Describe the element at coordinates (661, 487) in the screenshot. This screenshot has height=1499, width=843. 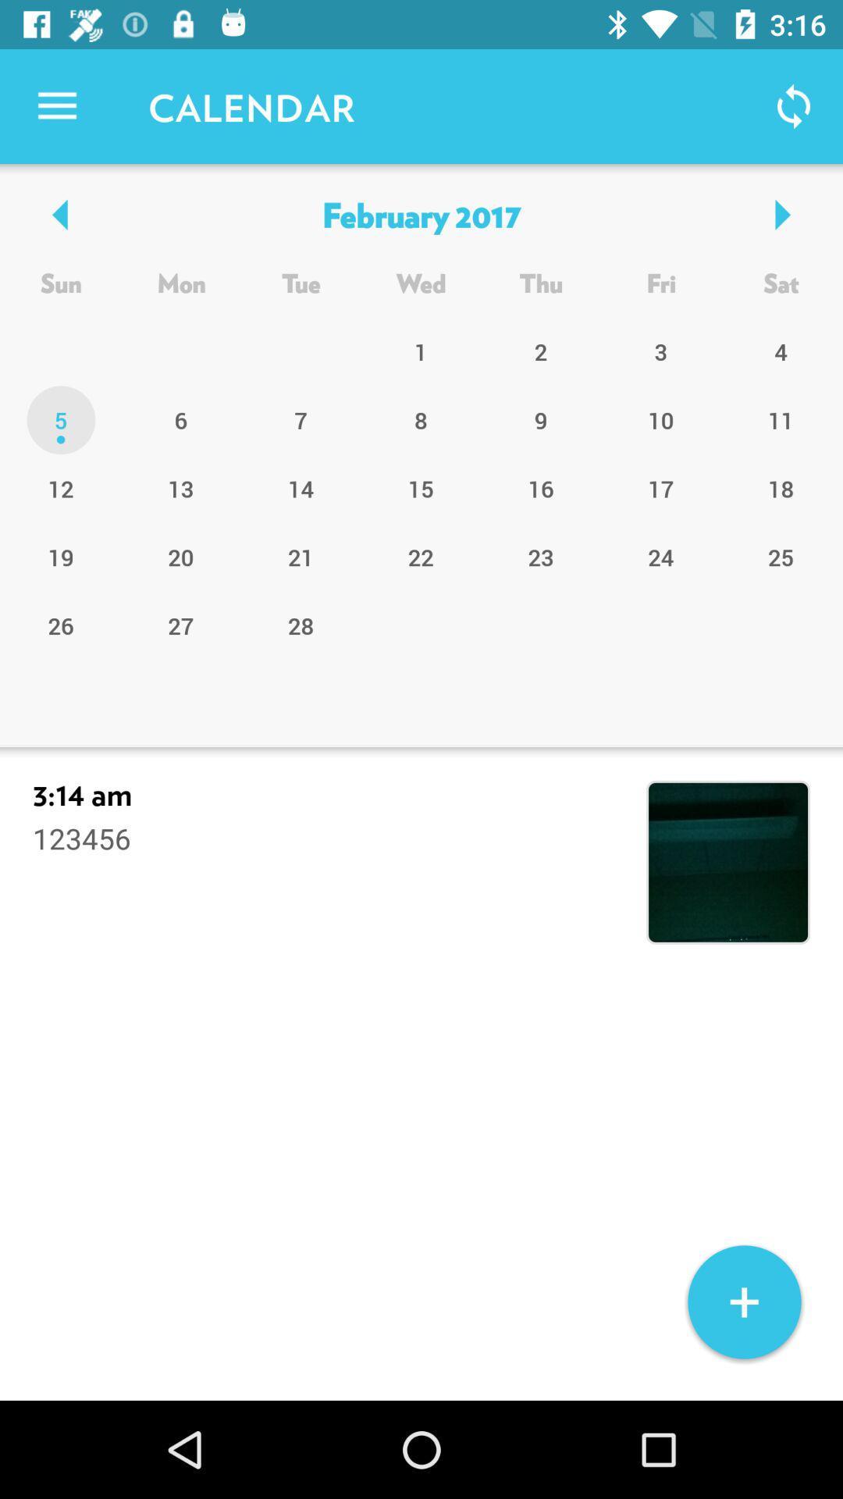
I see `icon above 23` at that location.